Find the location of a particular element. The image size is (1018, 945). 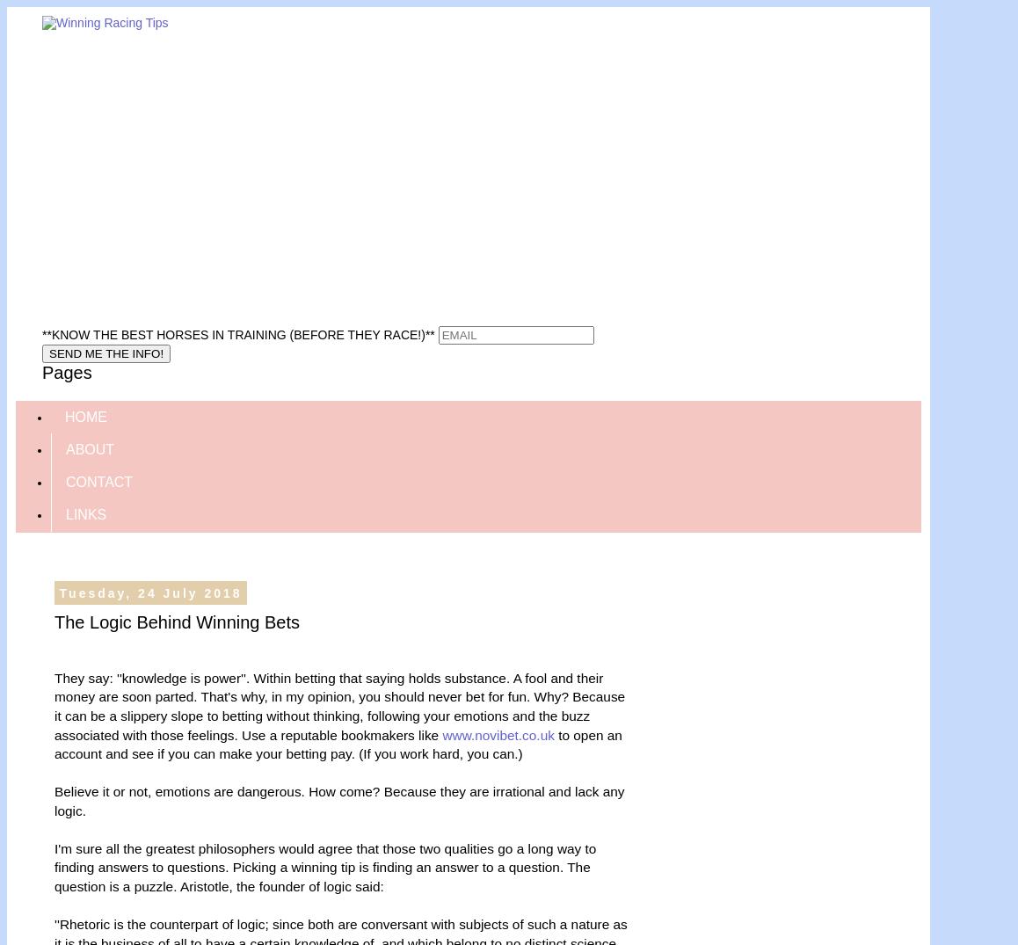

'HOME' is located at coordinates (85, 416).